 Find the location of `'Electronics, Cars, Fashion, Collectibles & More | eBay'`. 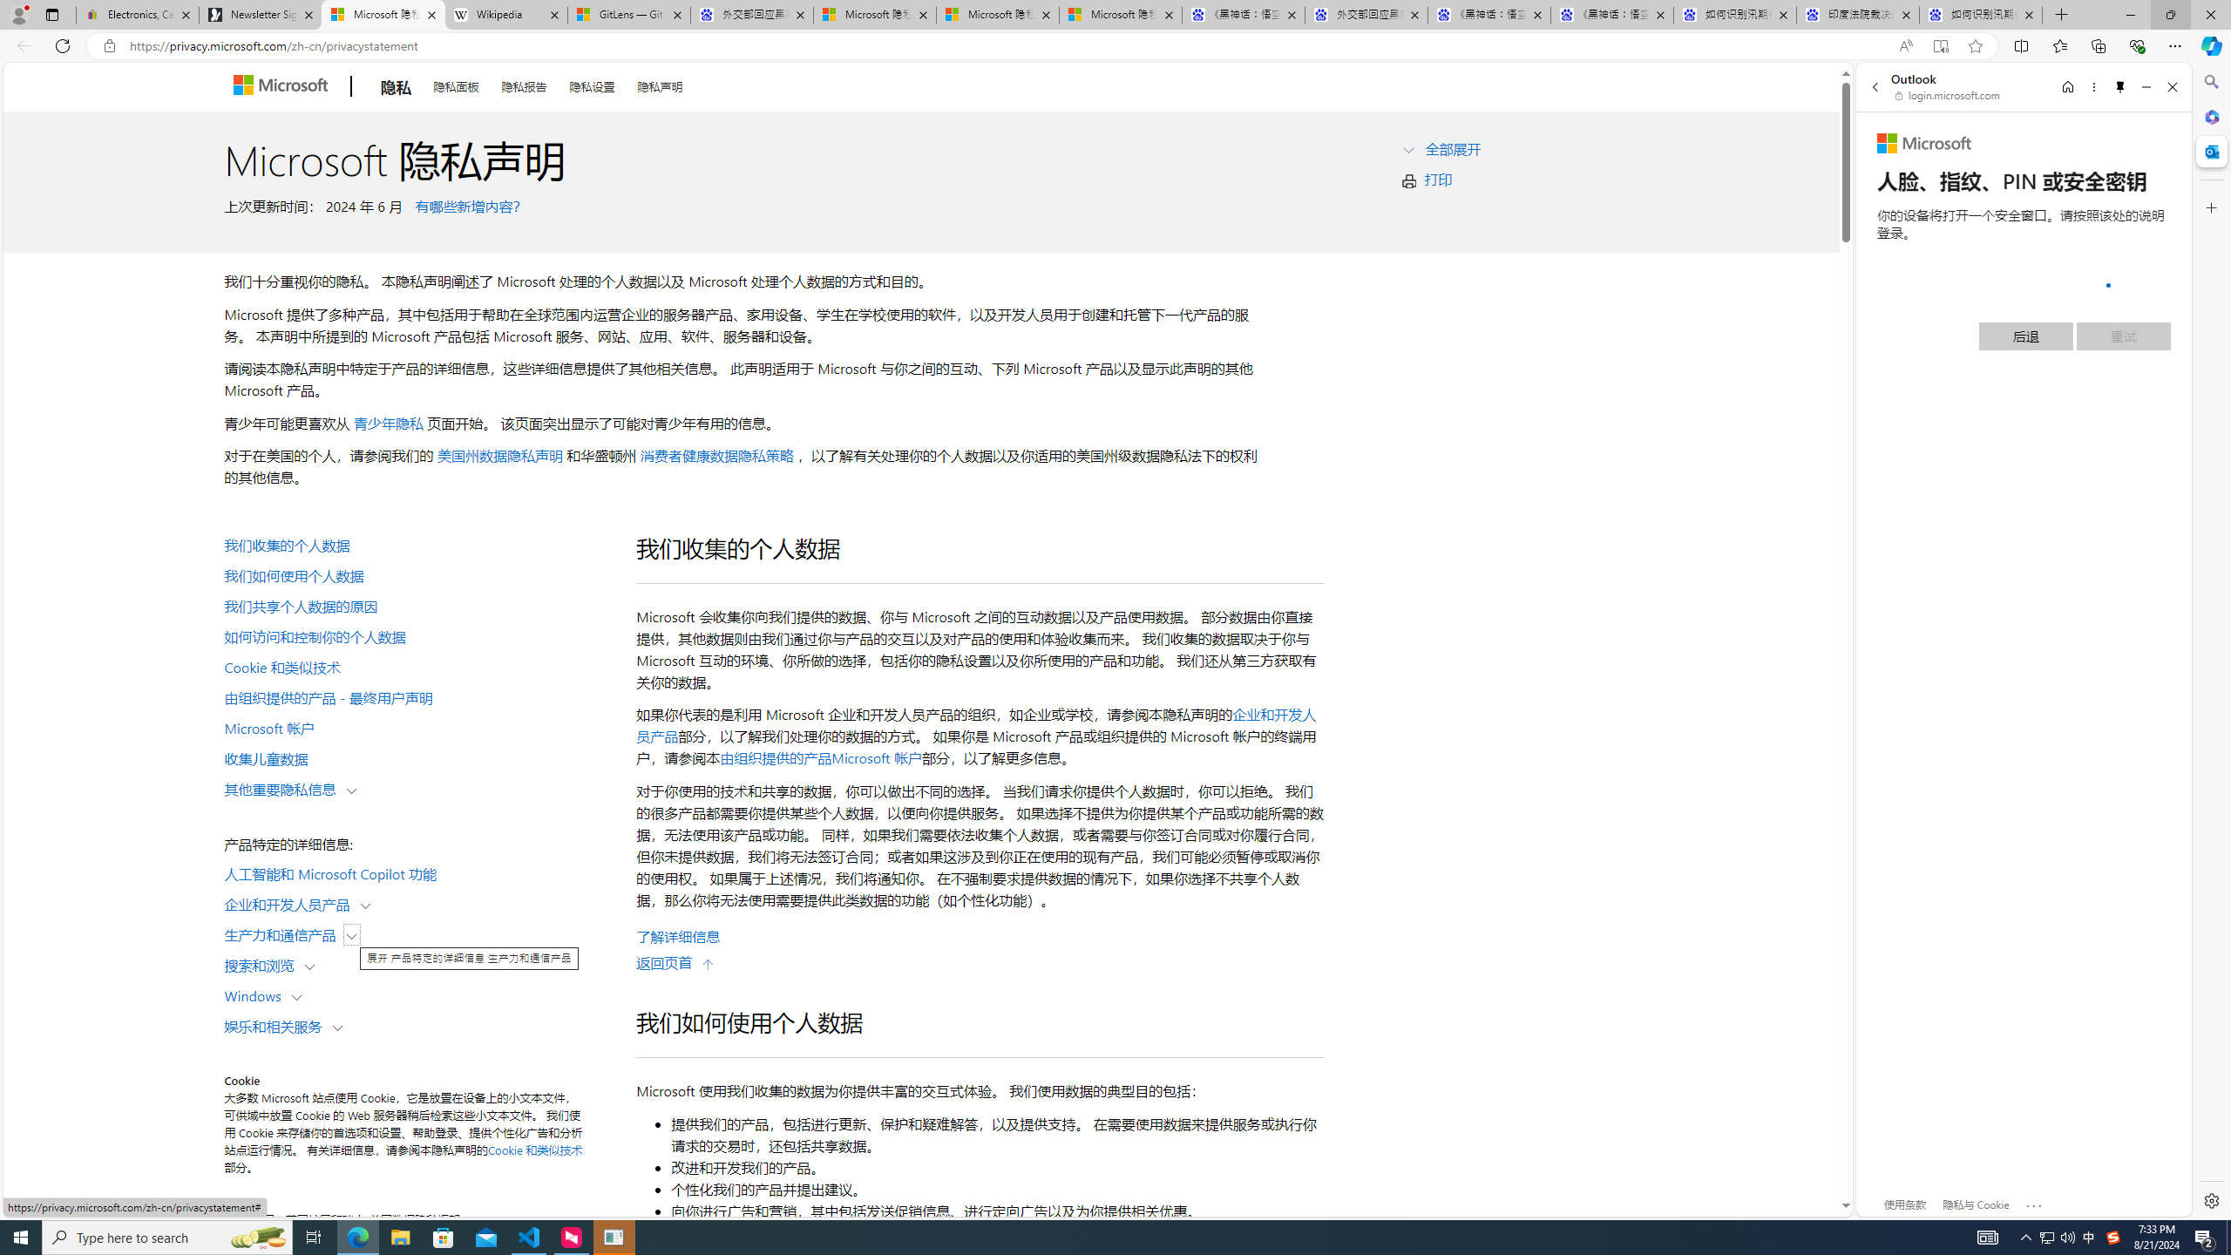

'Electronics, Cars, Fashion, Collectibles & More | eBay' is located at coordinates (138, 14).